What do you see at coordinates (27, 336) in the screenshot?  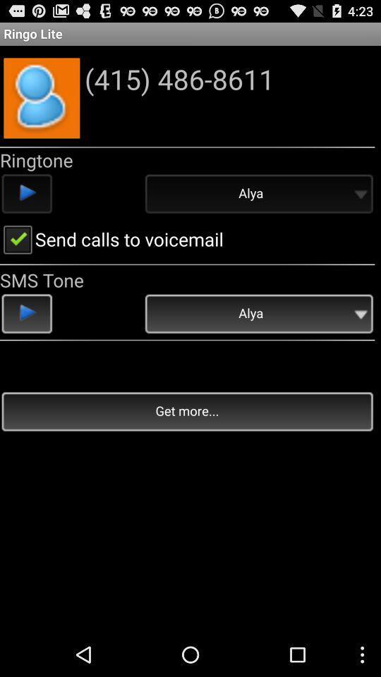 I see `the play icon` at bounding box center [27, 336].